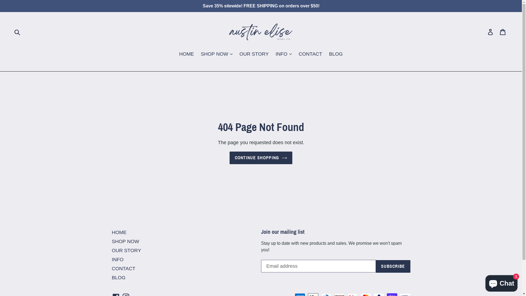 The image size is (526, 296). I want to click on 'CONTACT', so click(123, 268).